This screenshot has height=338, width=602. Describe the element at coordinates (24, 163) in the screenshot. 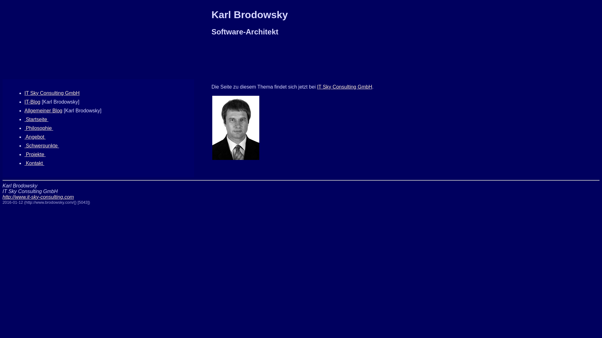

I see `' Kontakt '` at that location.